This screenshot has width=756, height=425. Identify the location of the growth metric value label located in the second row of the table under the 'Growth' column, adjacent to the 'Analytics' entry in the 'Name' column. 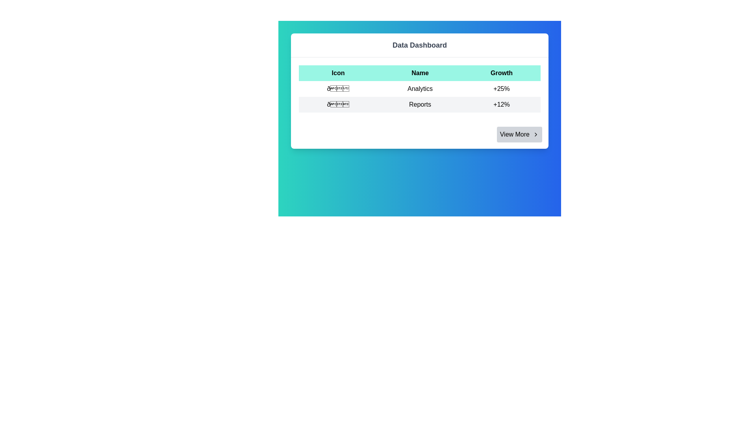
(501, 89).